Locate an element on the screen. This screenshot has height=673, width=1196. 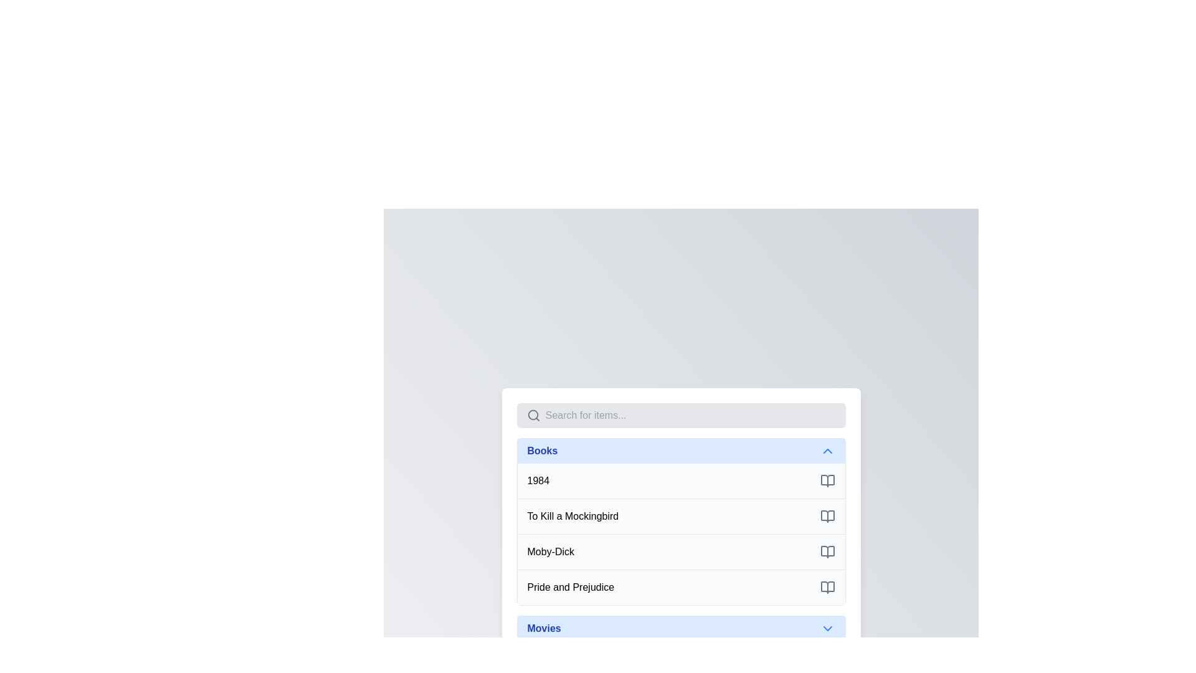
the open book icon located to the right of the '1984' book entry in the 'Books' section is located at coordinates (827, 480).